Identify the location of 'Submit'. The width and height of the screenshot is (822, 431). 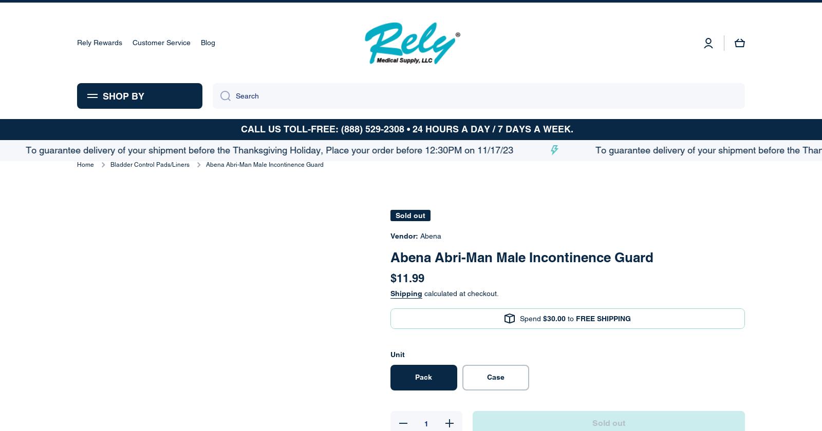
(293, 349).